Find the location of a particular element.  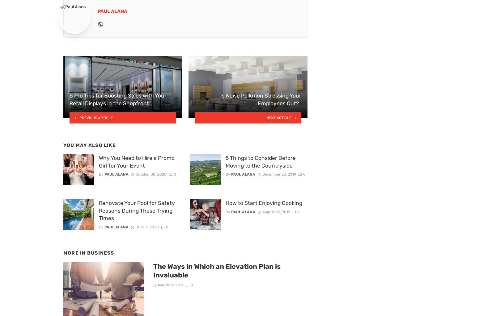

'Next article' is located at coordinates (266, 118).